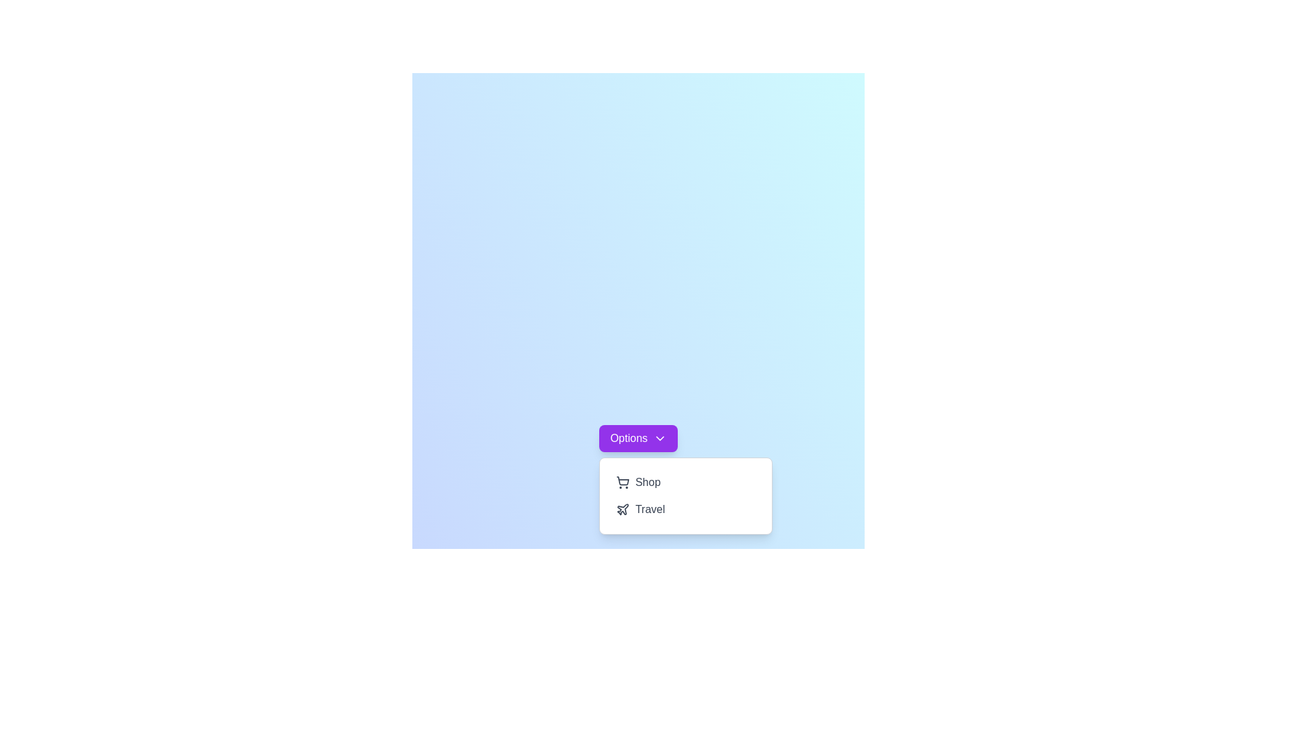  Describe the element at coordinates (637, 439) in the screenshot. I see `the dropdown toggle button located near the center of the interface` at that location.